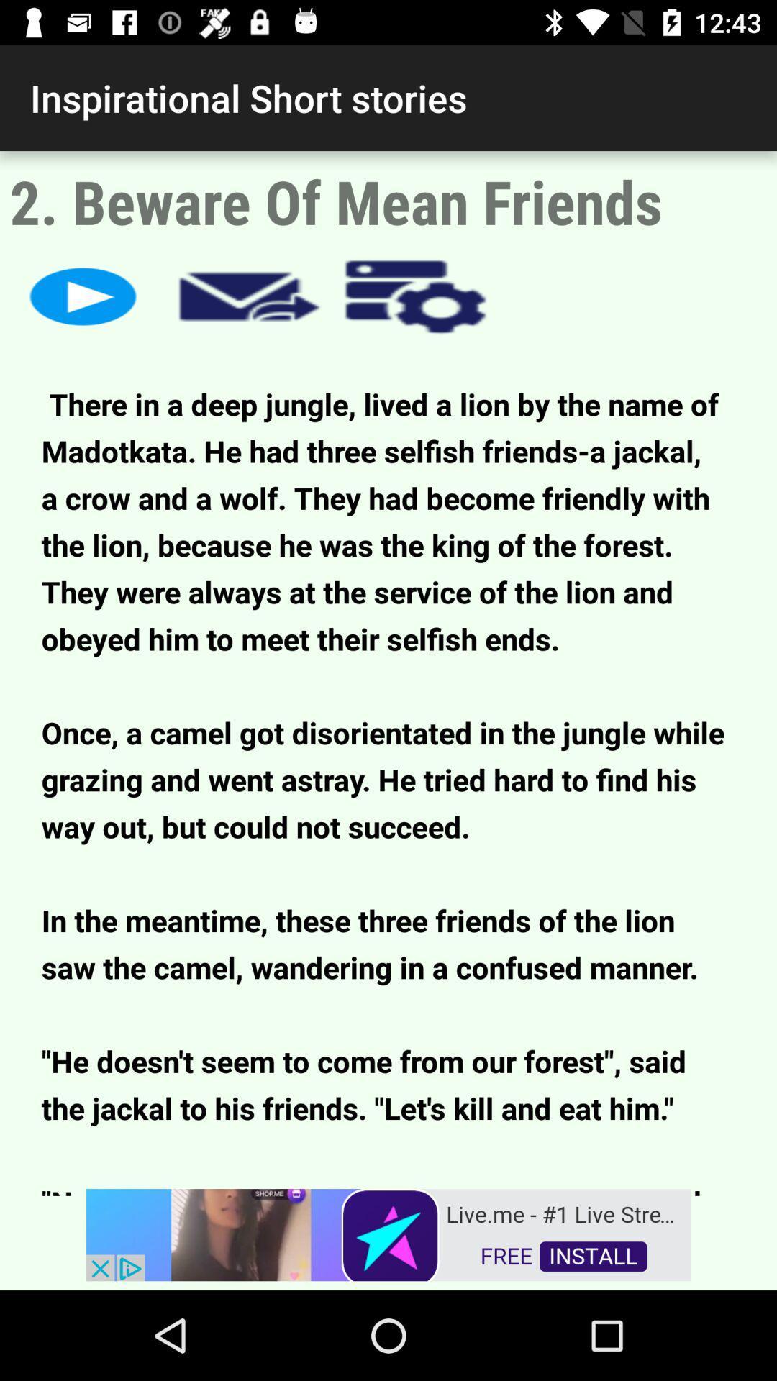 Image resolution: width=777 pixels, height=1381 pixels. Describe the element at coordinates (388, 1233) in the screenshot. I see `install an app` at that location.